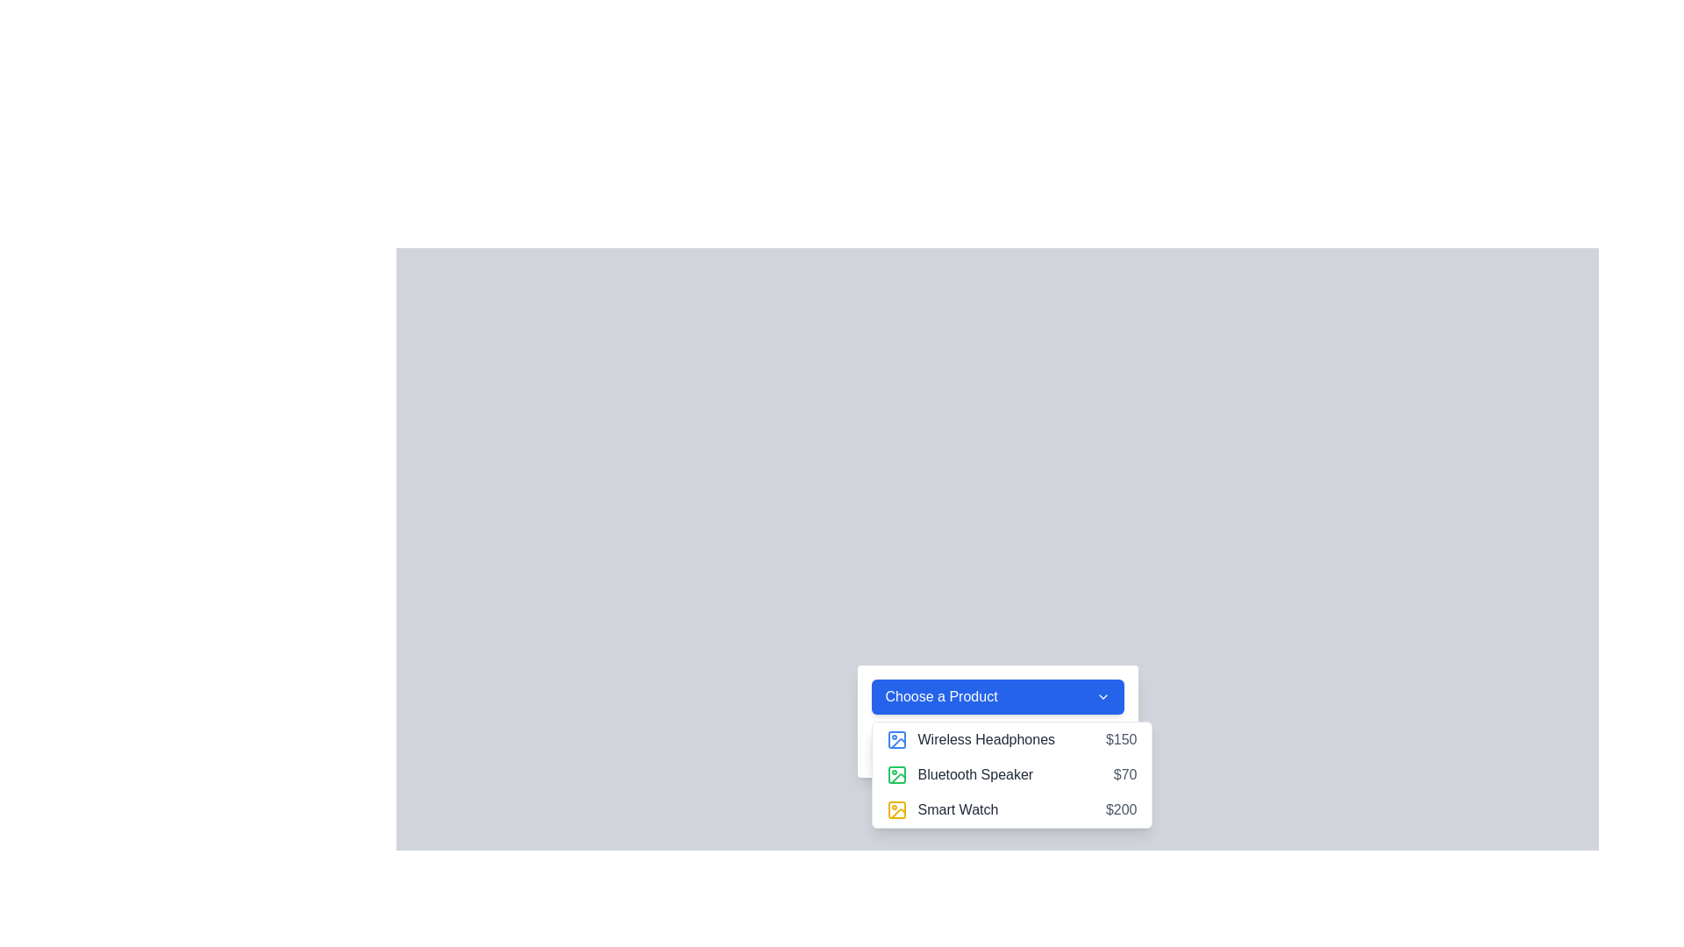 The image size is (1684, 947). I want to click on the first item in the dropdown list labeled 'Wireless Headphones', so click(1011, 740).